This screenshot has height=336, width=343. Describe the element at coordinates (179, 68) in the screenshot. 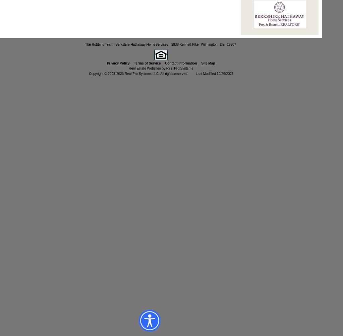

I see `'Real Pro Systems'` at that location.